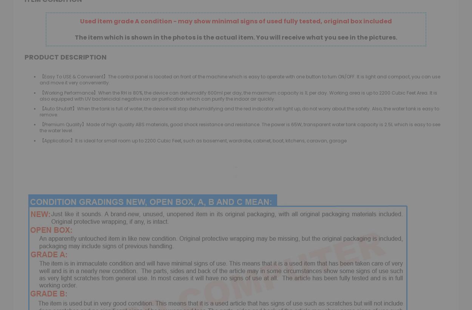 This screenshot has height=310, width=472. Describe the element at coordinates (162, 73) in the screenshot. I see `'Tools'` at that location.